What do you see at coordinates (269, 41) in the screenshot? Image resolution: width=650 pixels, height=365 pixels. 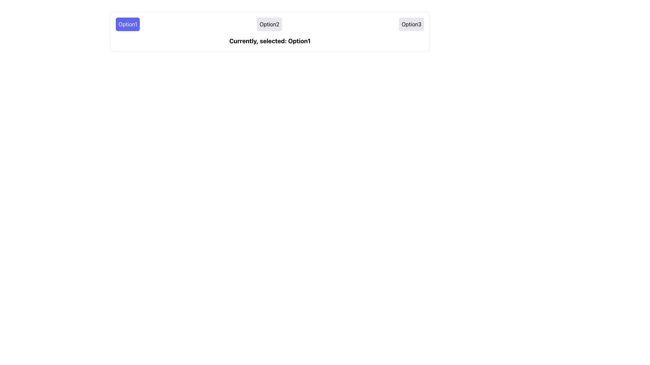 I see `the text label displaying 'Currently, selected: Option1', which is bold and larger, located below the group of options` at bounding box center [269, 41].